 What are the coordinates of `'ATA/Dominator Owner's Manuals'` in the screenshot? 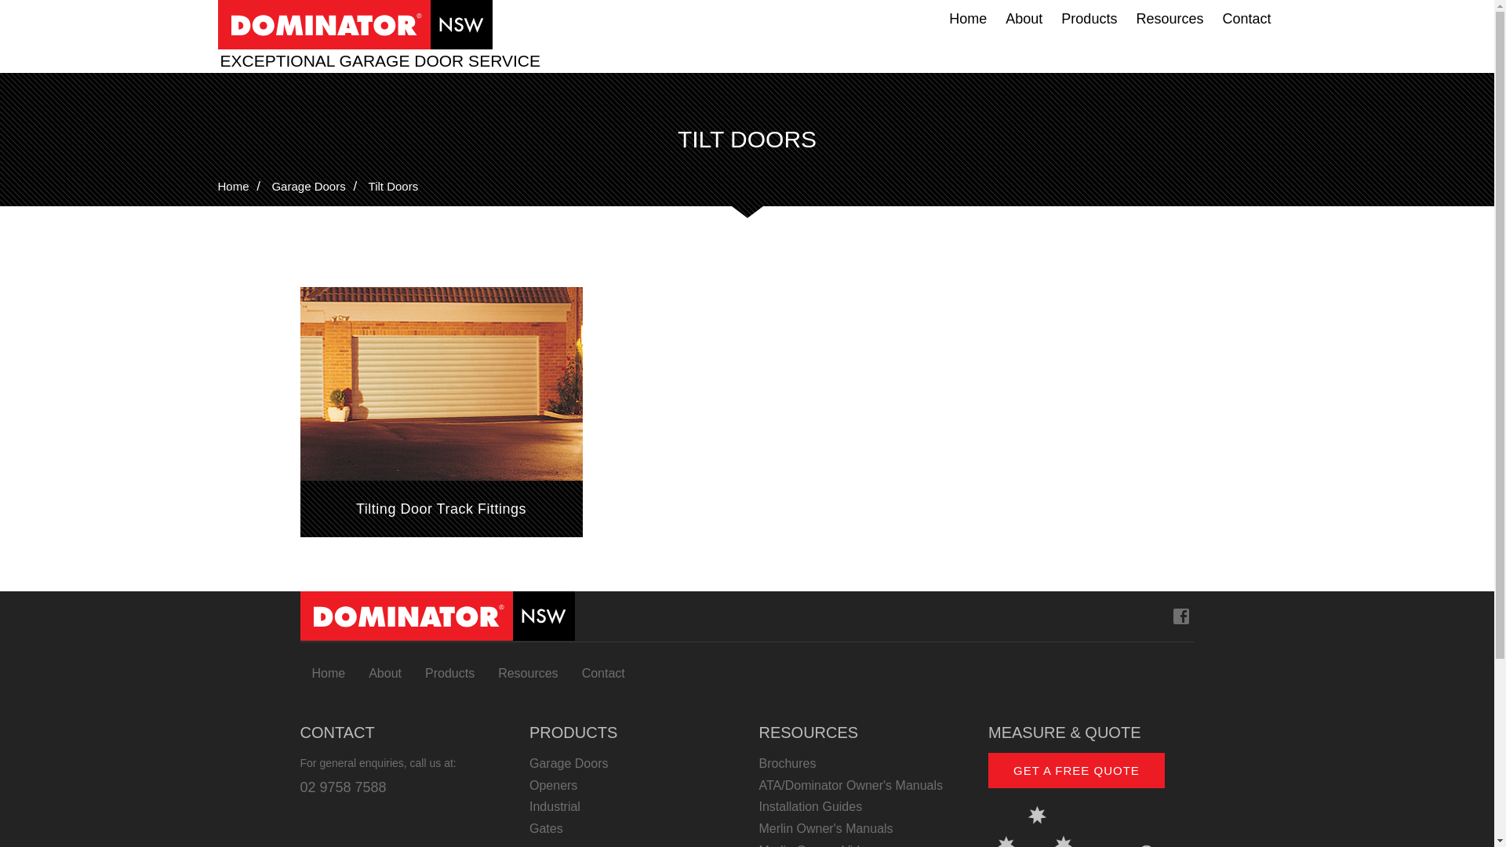 It's located at (861, 786).